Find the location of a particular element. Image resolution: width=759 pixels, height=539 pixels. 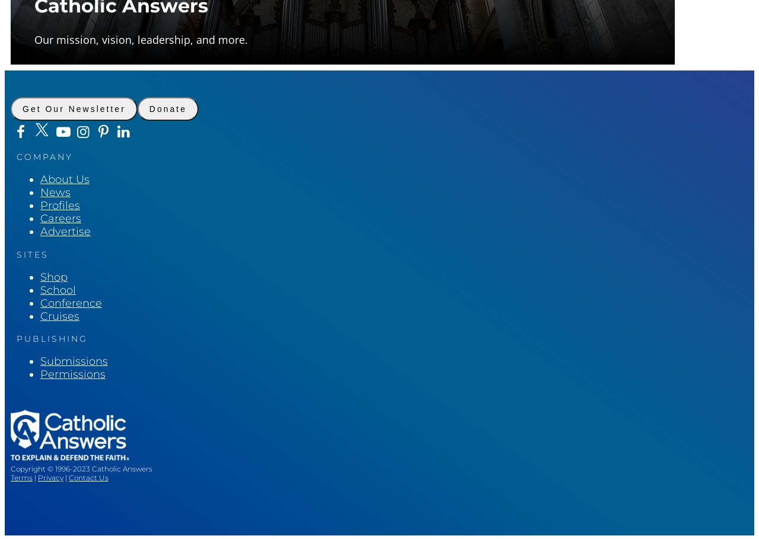

'Donate' is located at coordinates (148, 109).